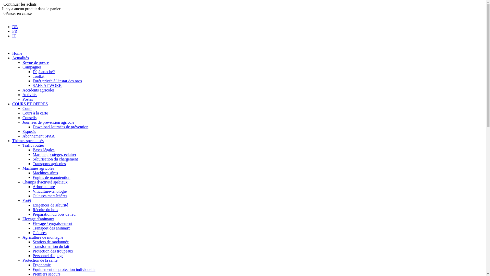 The image size is (490, 276). What do you see at coordinates (38, 76) in the screenshot?
I see `'Toolkit'` at bounding box center [38, 76].